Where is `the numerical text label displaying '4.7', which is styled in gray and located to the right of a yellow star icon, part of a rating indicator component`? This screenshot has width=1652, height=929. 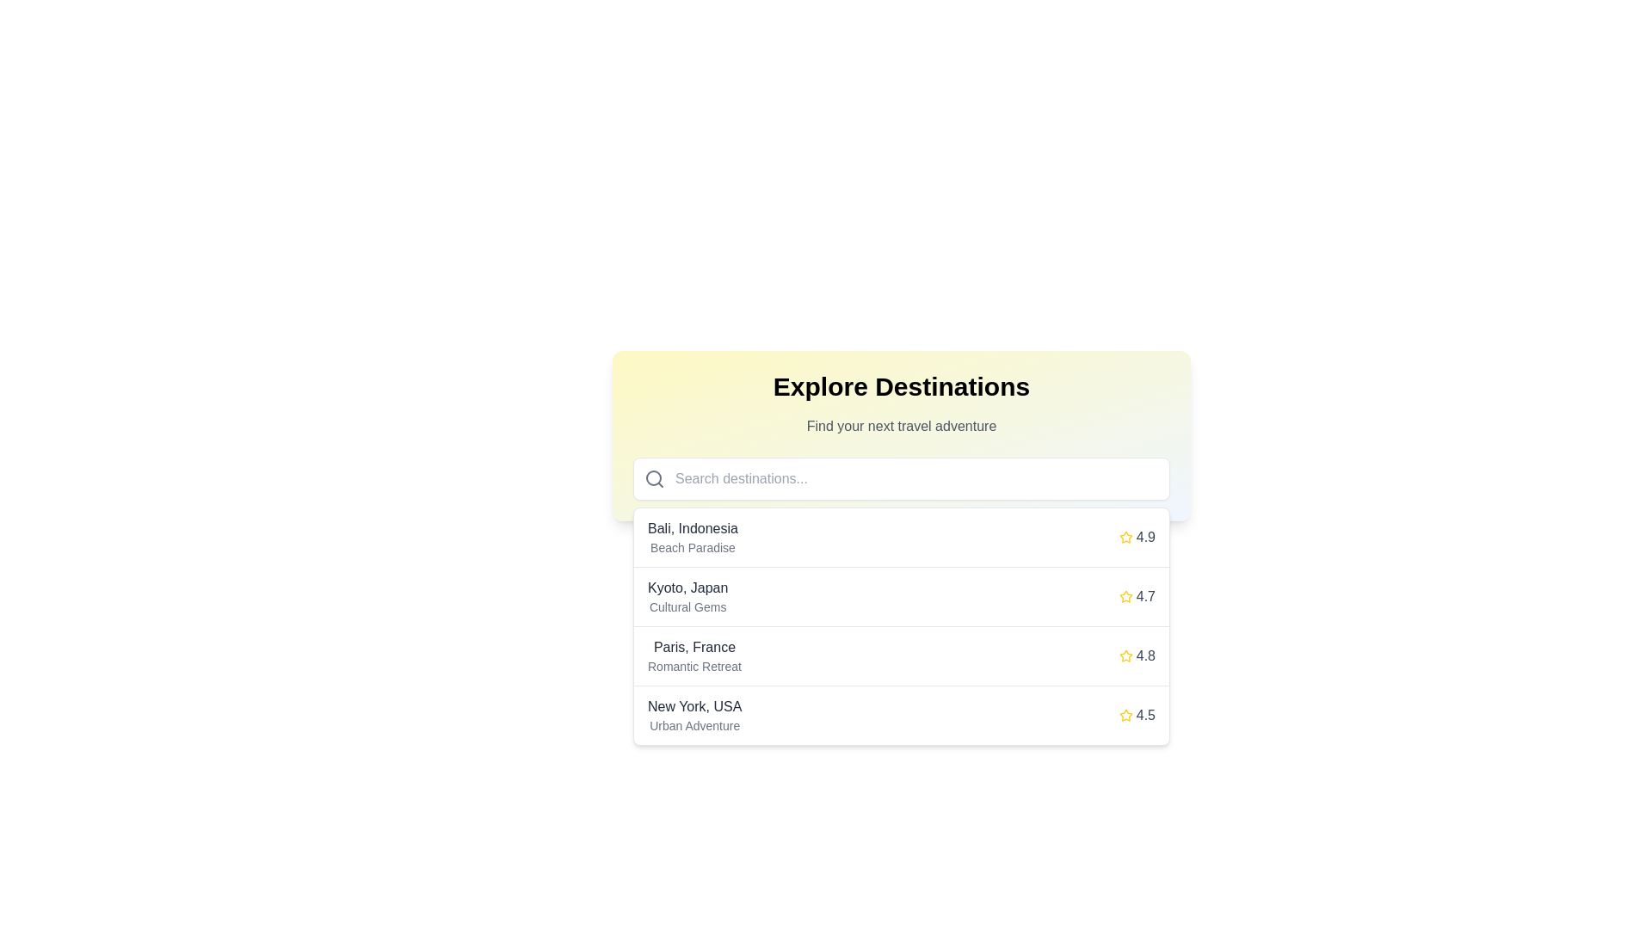
the numerical text label displaying '4.7', which is styled in gray and located to the right of a yellow star icon, part of a rating indicator component is located at coordinates (1145, 596).